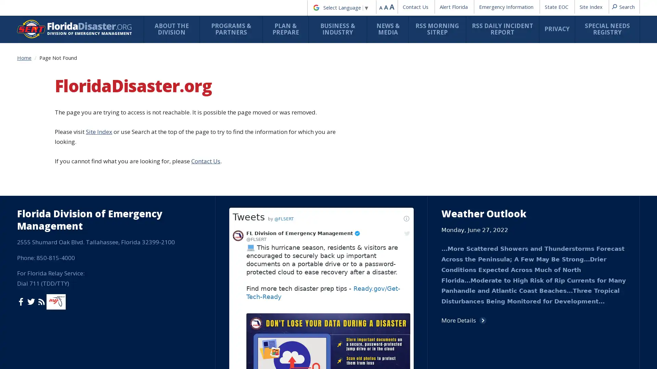 Image resolution: width=657 pixels, height=369 pixels. I want to click on Toggle More, so click(343, 296).